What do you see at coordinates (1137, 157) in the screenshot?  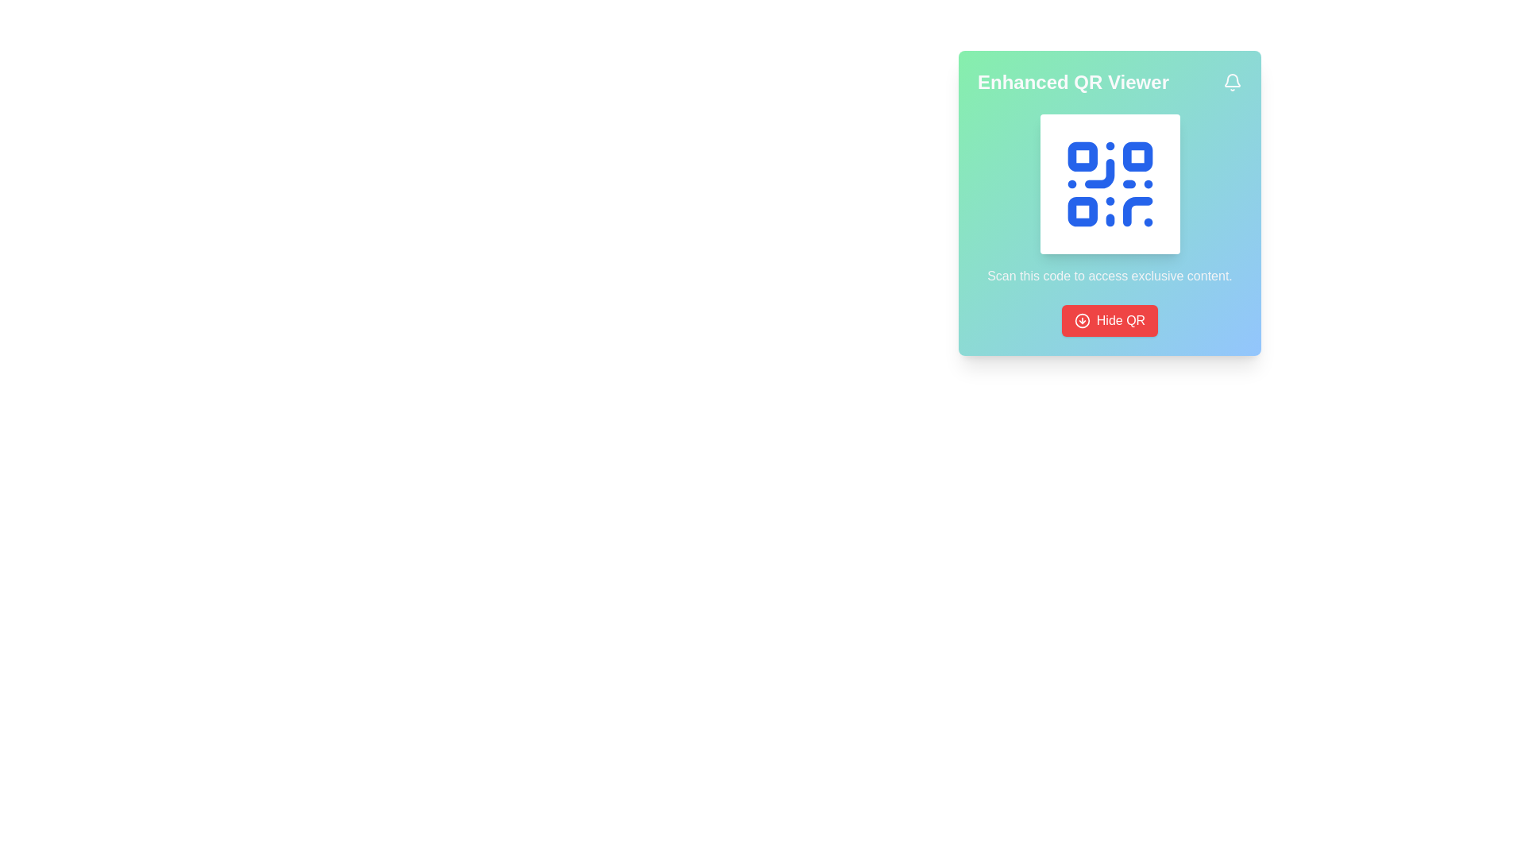 I see `the second small square in the upper right corner of the QR code representation, which contributes to the visual pattern of the QR code` at bounding box center [1137, 157].